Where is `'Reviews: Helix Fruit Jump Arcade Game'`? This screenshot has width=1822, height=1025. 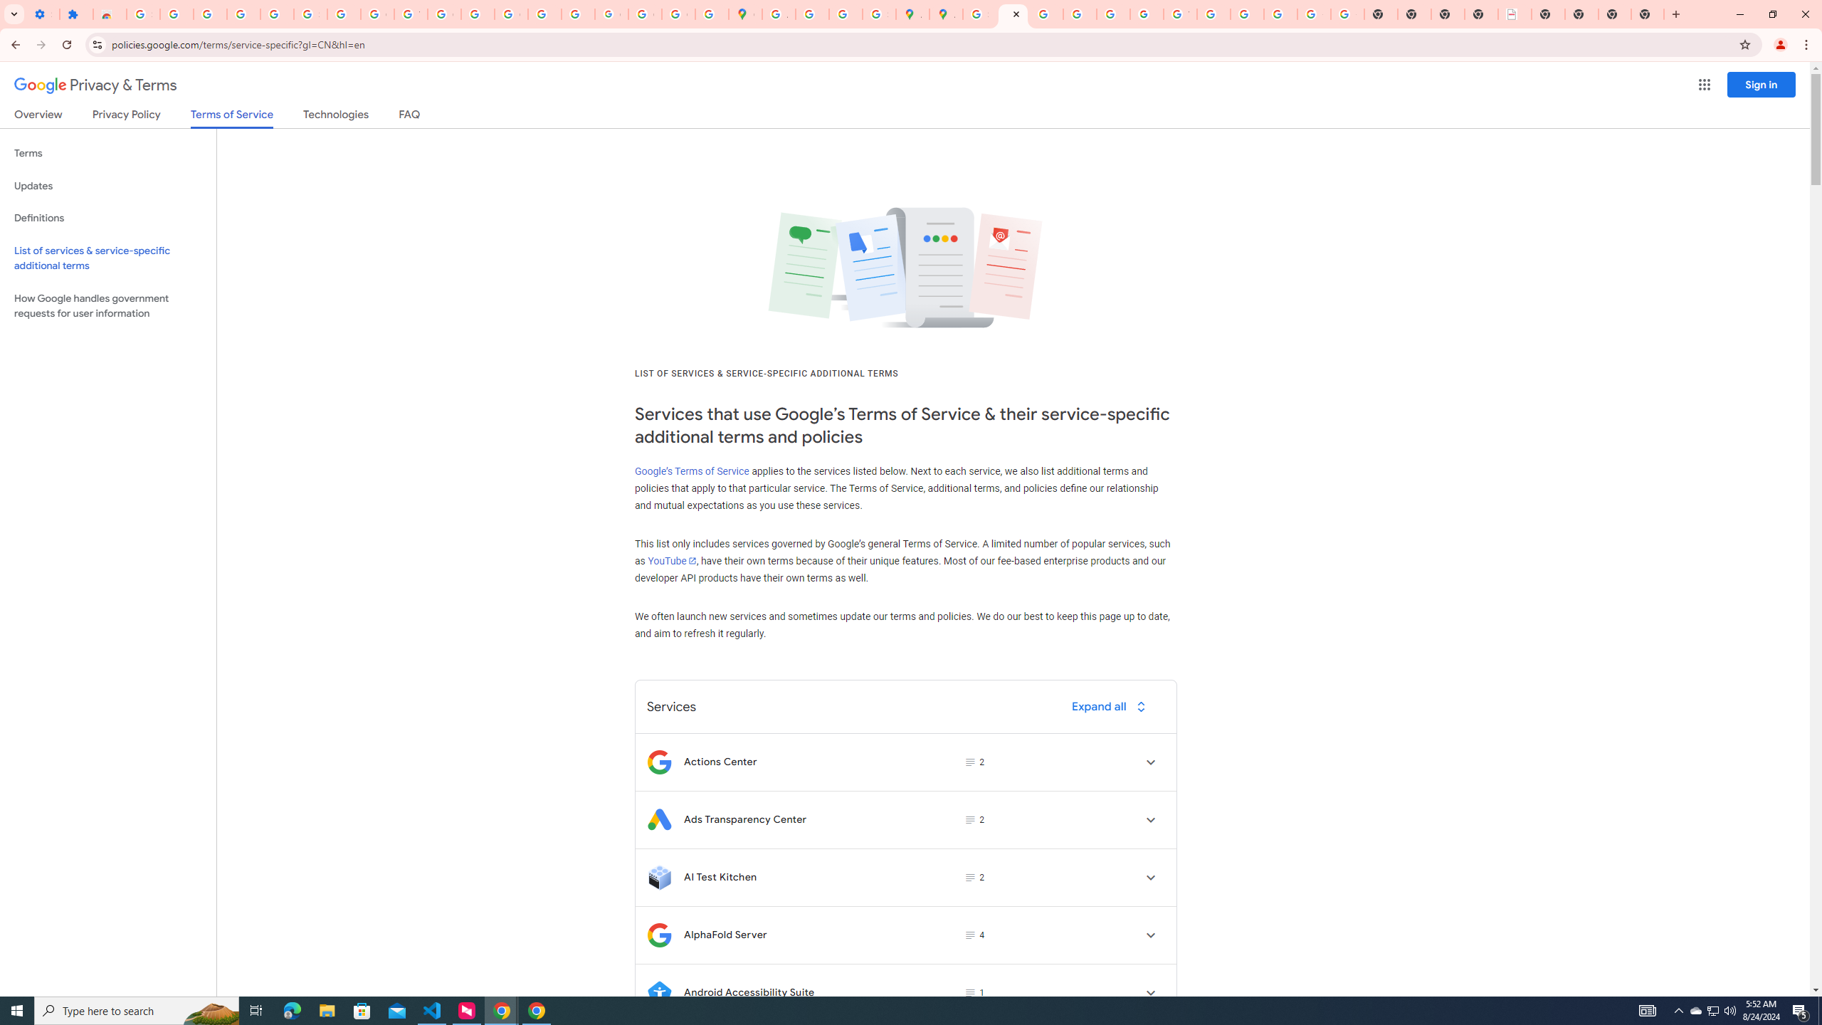
'Reviews: Helix Fruit Jump Arcade Game' is located at coordinates (110, 14).